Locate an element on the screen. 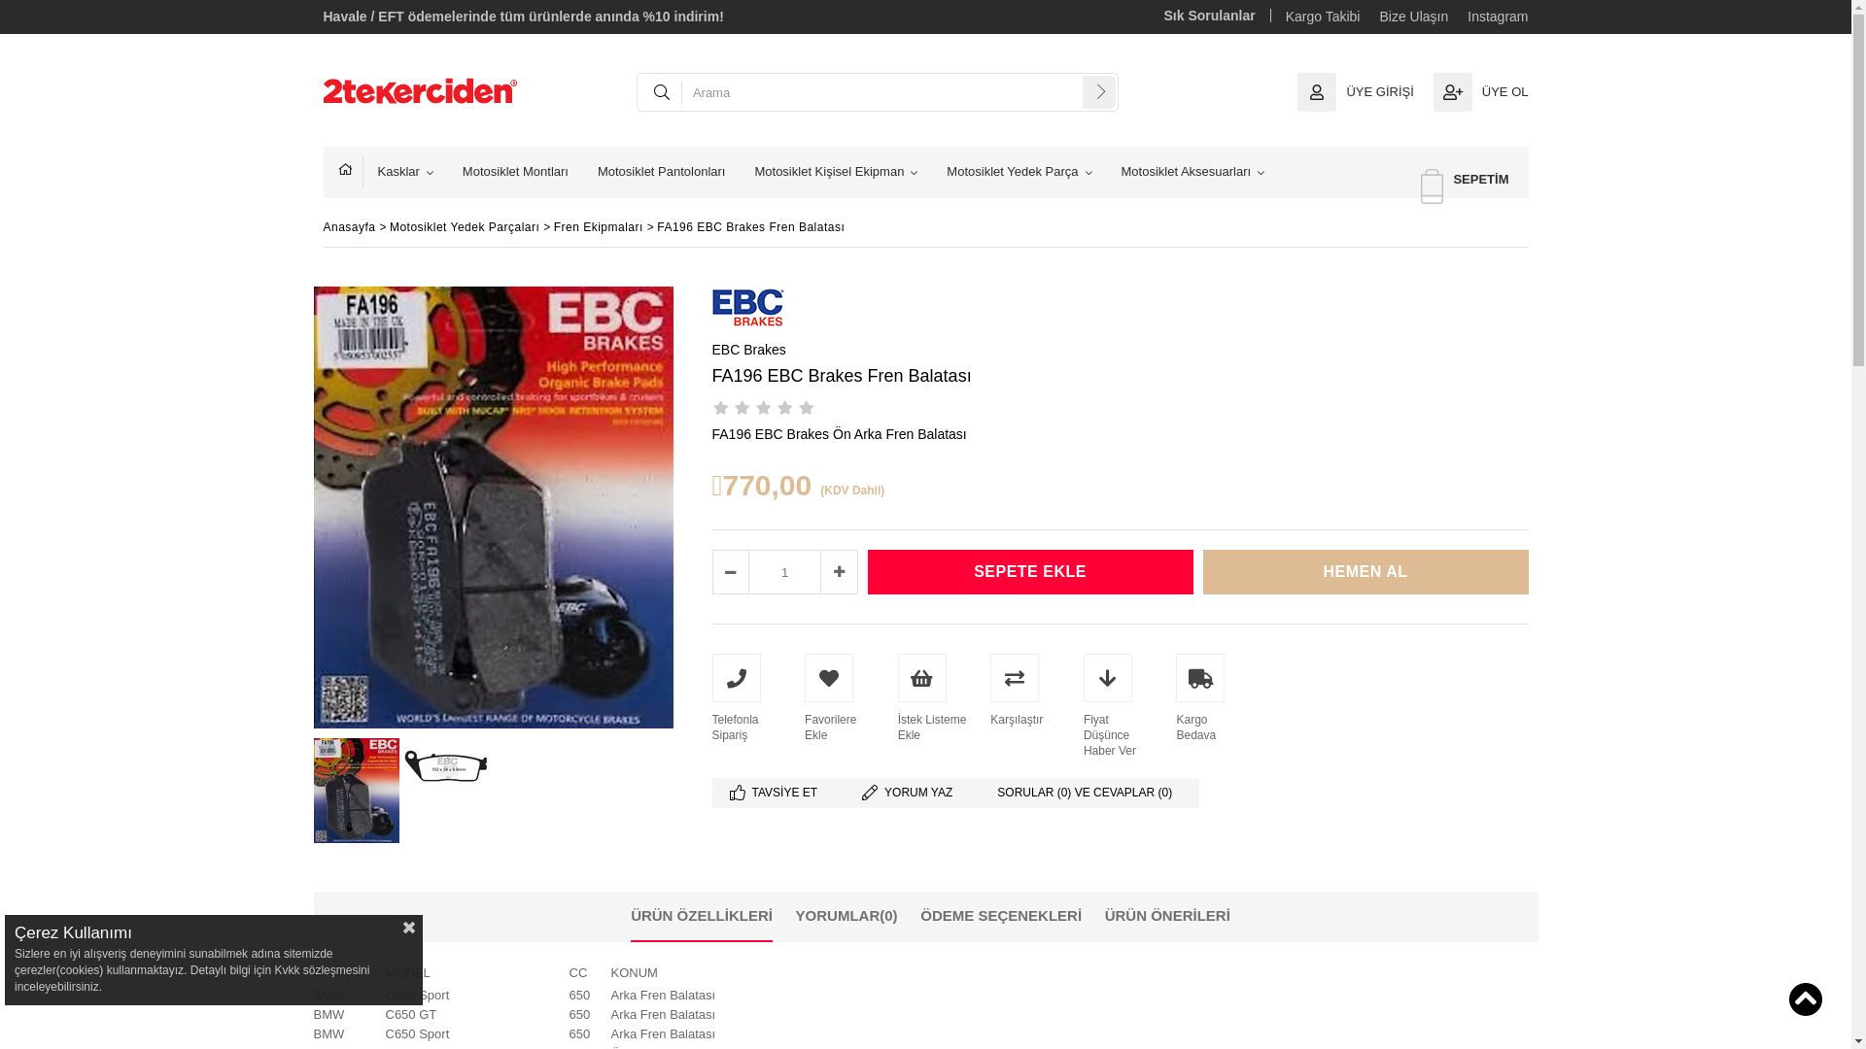 This screenshot has height=1049, width=1866. 'SEPETIM' is located at coordinates (1465, 180).